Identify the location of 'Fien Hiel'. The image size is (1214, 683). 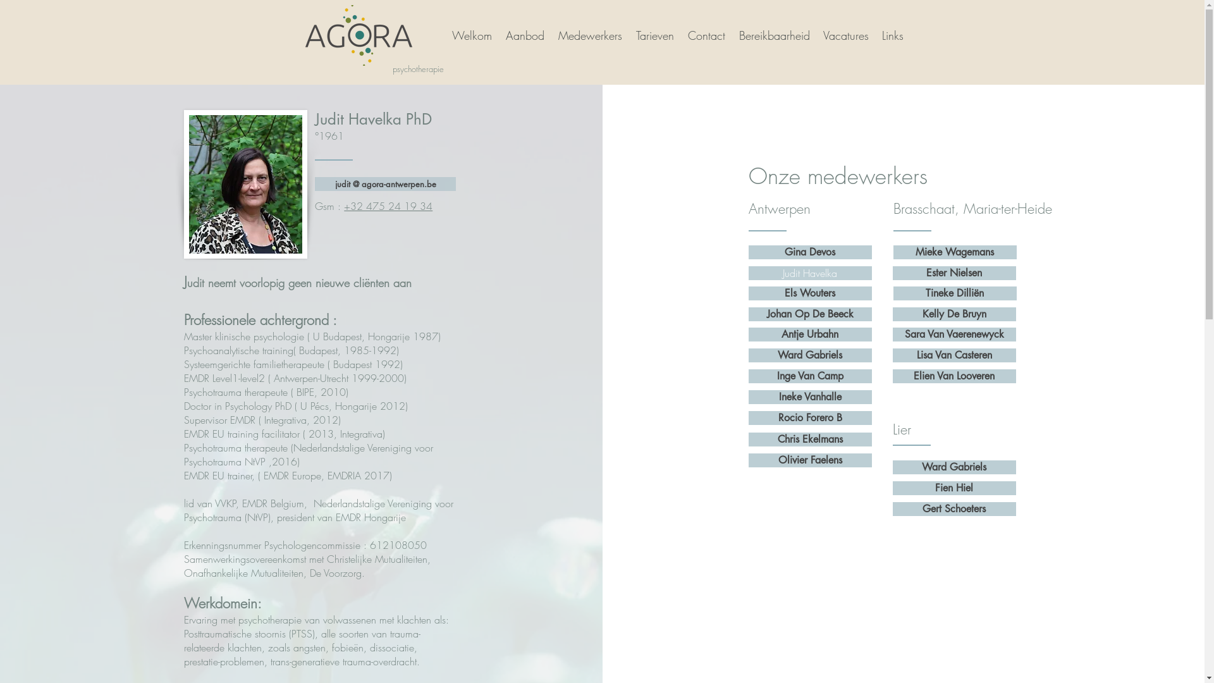
(892, 487).